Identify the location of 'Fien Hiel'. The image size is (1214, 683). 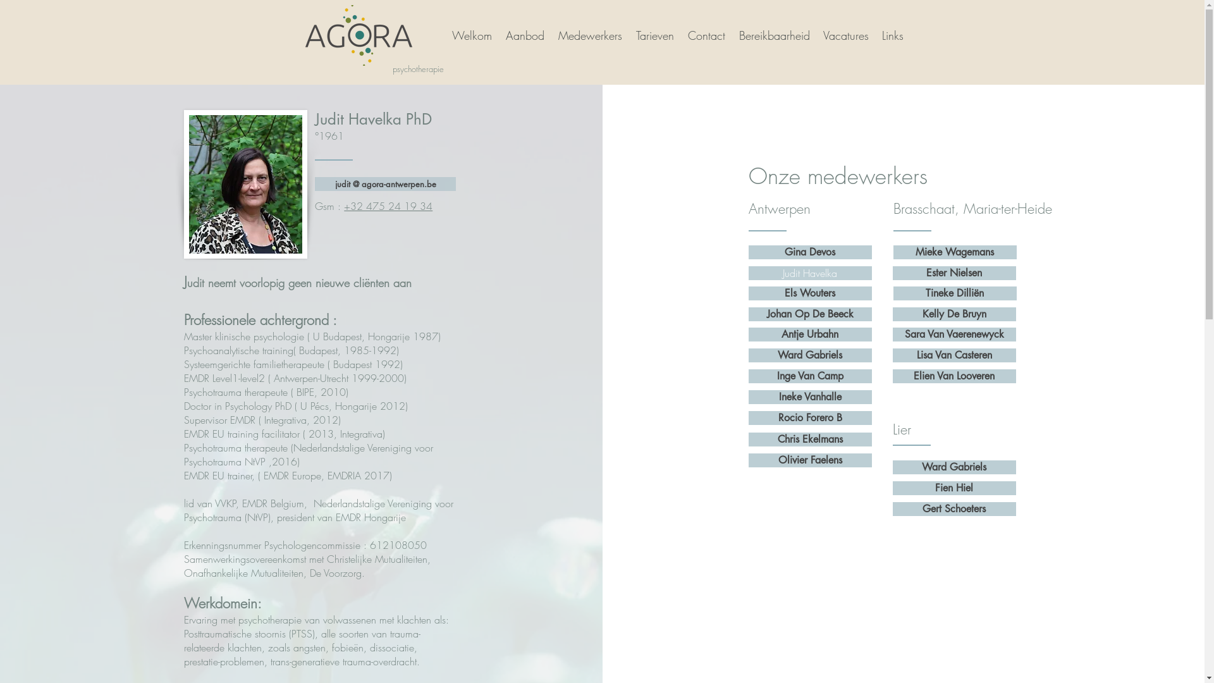
(892, 487).